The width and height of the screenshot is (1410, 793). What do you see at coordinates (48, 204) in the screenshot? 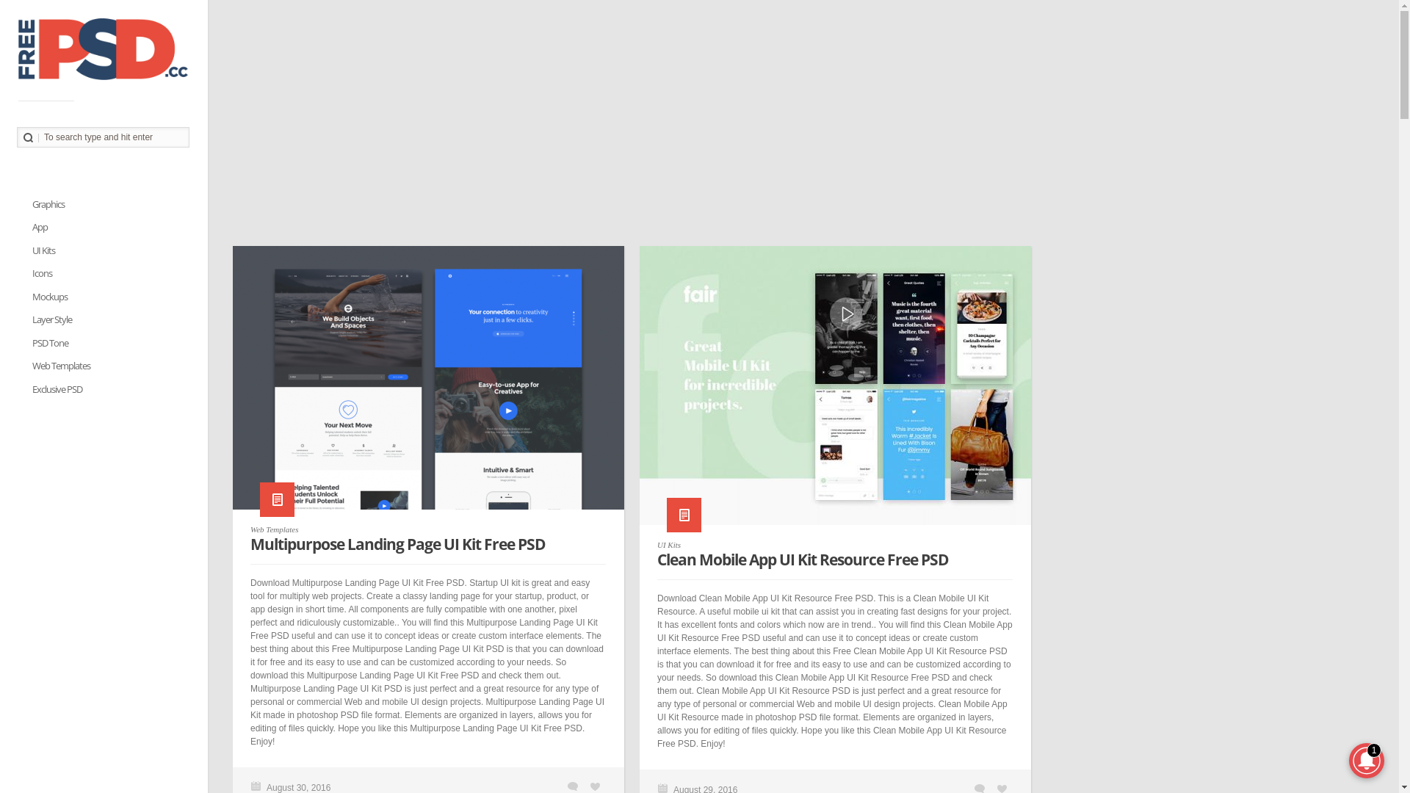
I see `'Graphics'` at bounding box center [48, 204].